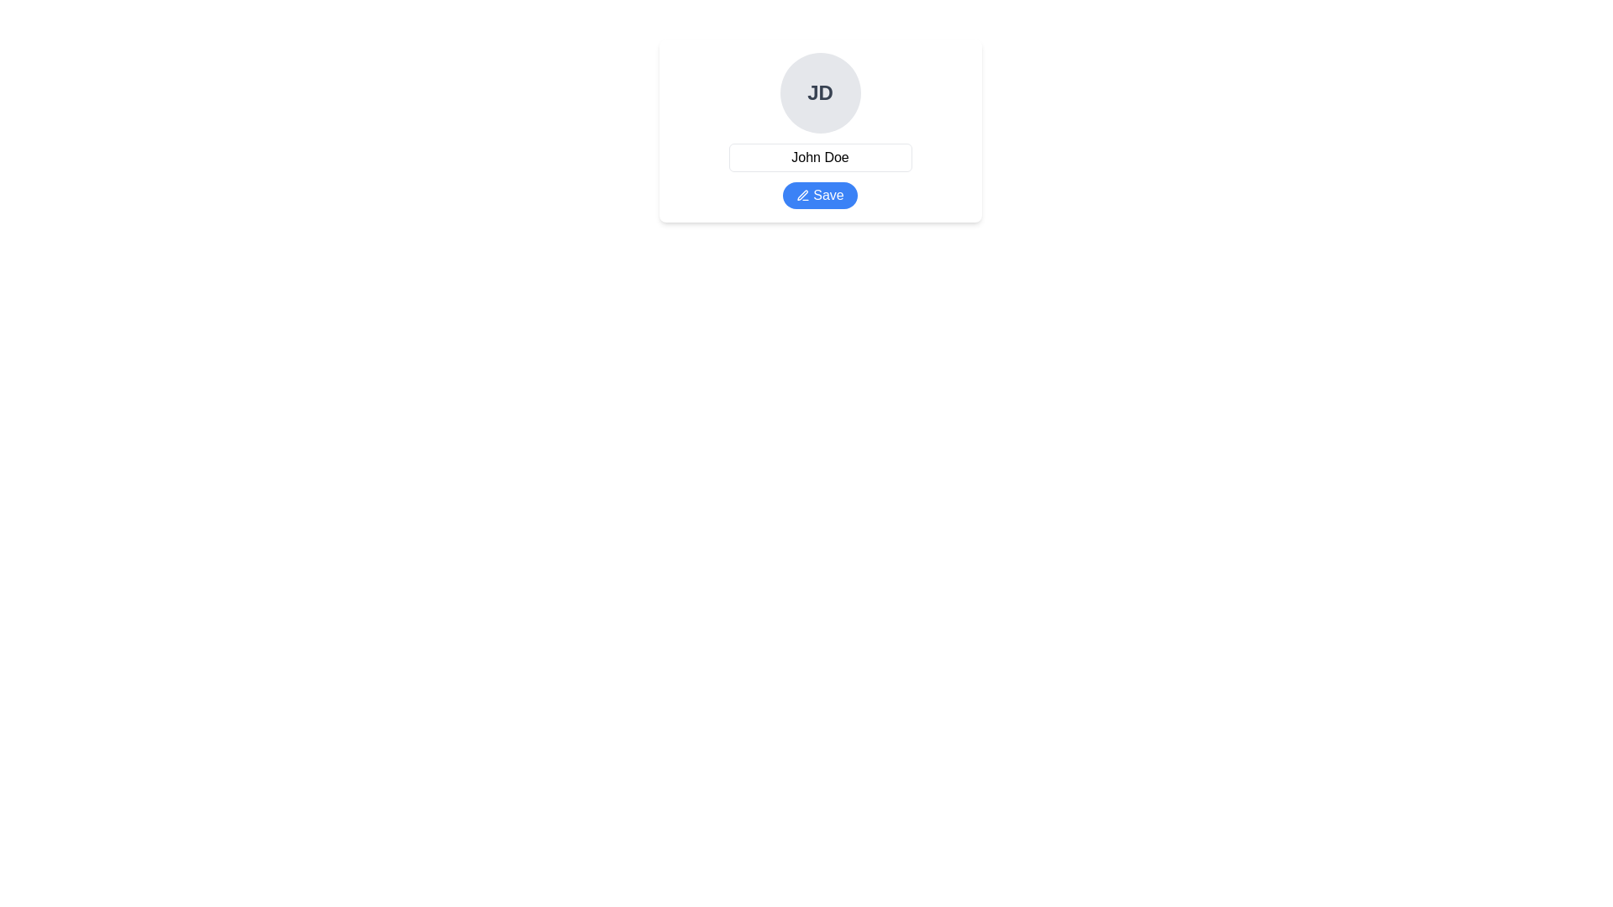  What do you see at coordinates (820, 194) in the screenshot?
I see `the blue 'Save' button with a pen icon located below the profile image and name in the center of the interface` at bounding box center [820, 194].